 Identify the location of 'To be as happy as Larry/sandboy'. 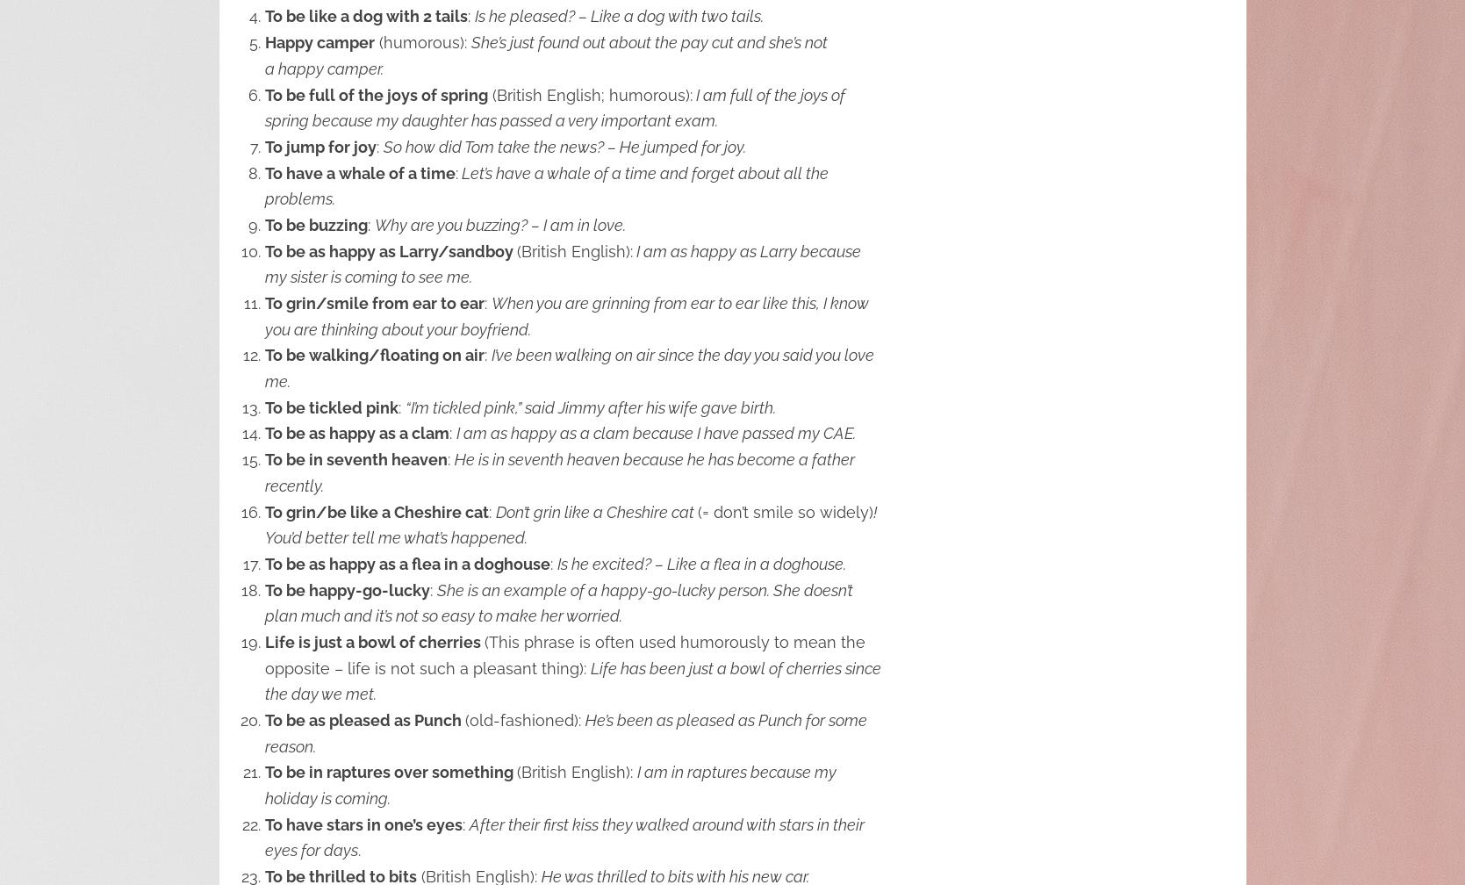
(390, 250).